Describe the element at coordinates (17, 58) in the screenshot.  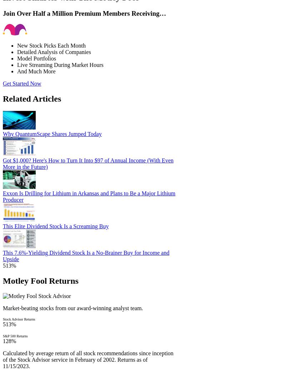
I see `'Model Portfolios'` at that location.